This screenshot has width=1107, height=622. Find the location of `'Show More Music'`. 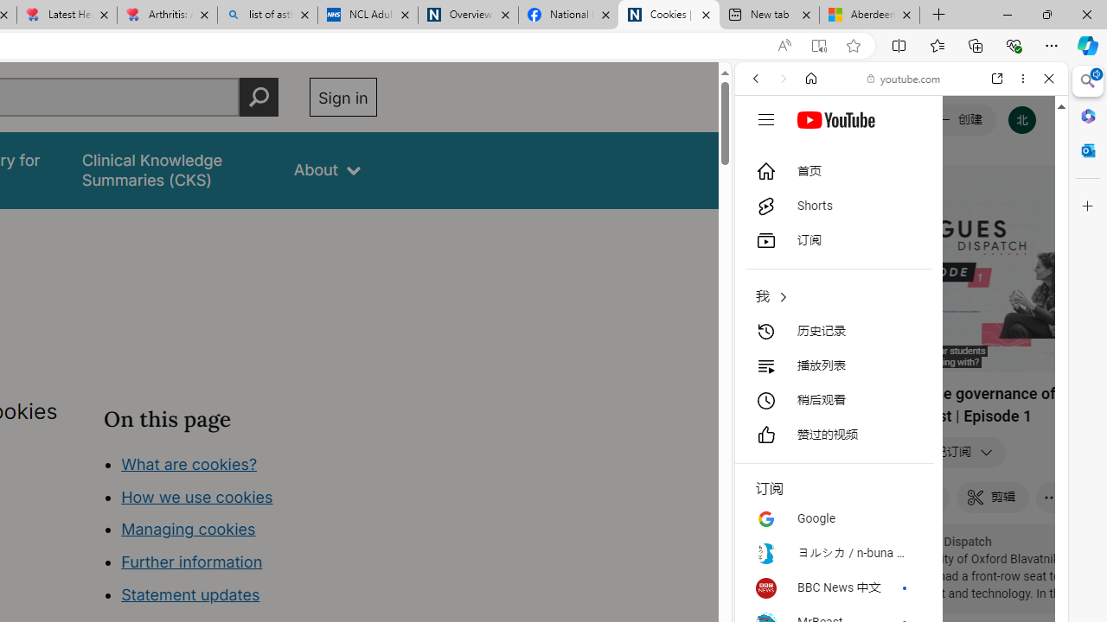

'Show More Music' is located at coordinates (1007, 472).